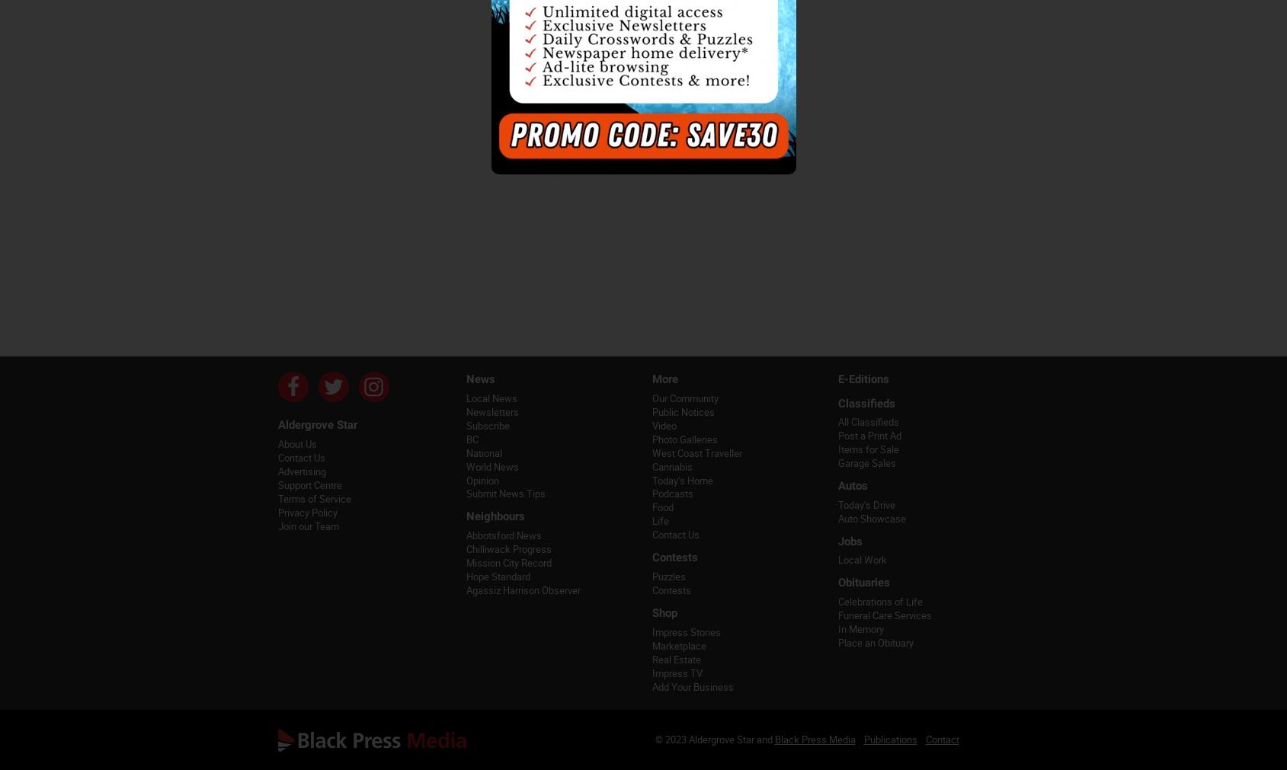  What do you see at coordinates (487, 425) in the screenshot?
I see `'Subscribe'` at bounding box center [487, 425].